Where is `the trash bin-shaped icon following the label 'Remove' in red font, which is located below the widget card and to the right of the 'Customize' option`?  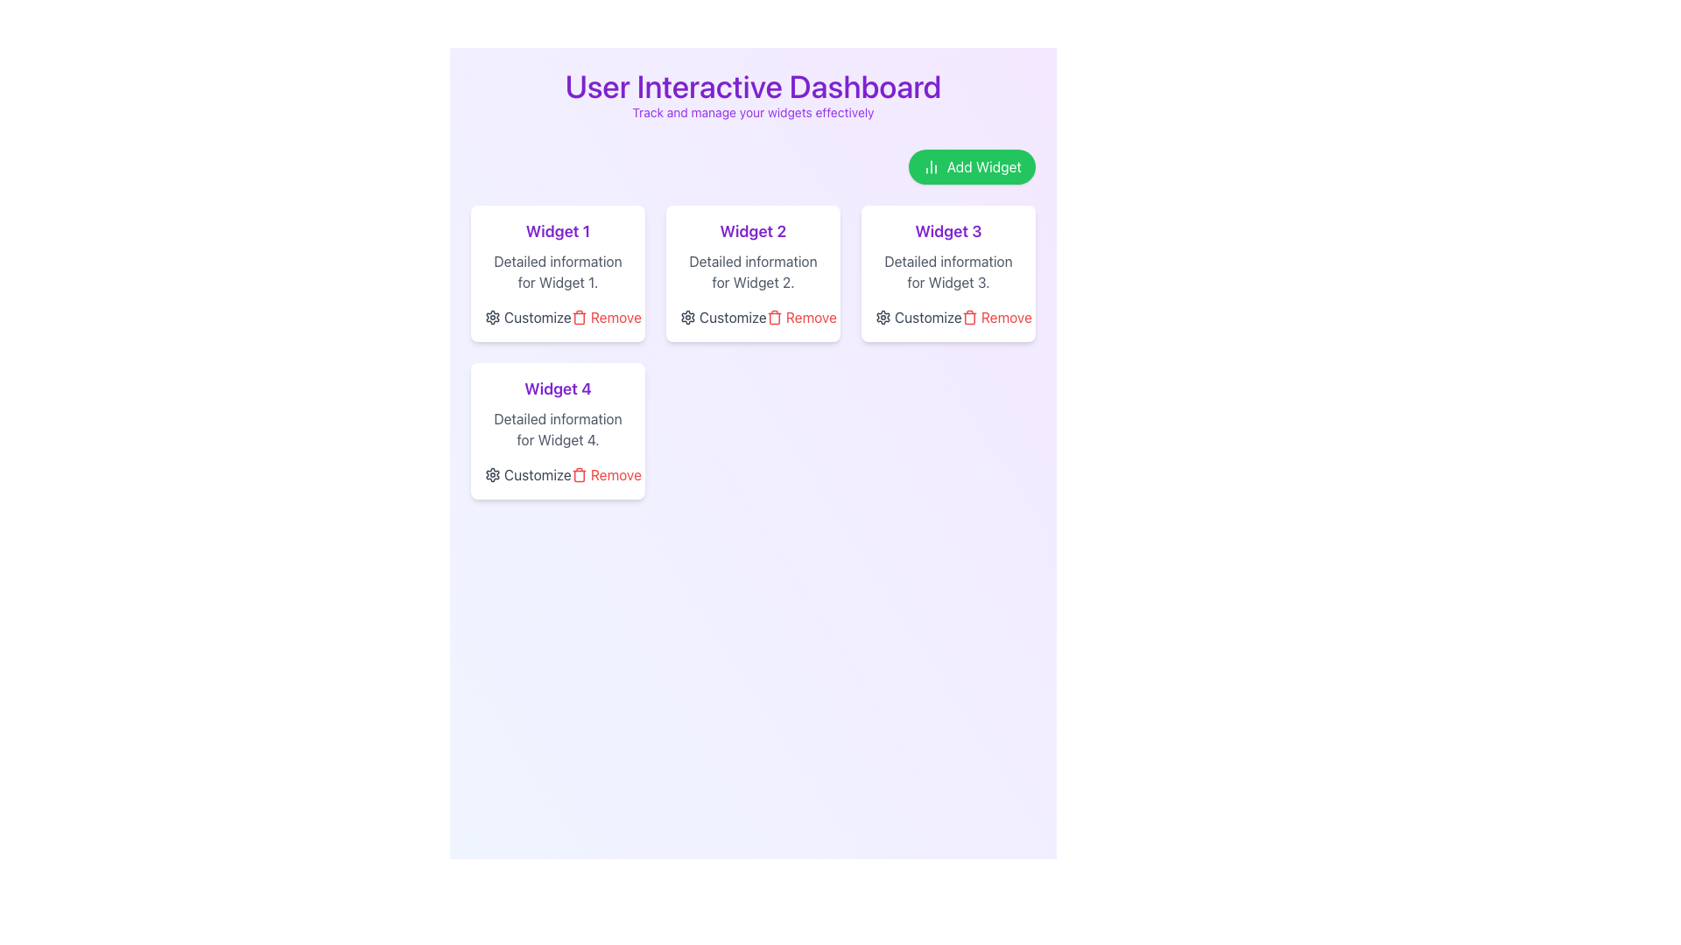 the trash bin-shaped icon following the label 'Remove' in red font, which is located below the widget card and to the right of the 'Customize' option is located at coordinates (773, 317).